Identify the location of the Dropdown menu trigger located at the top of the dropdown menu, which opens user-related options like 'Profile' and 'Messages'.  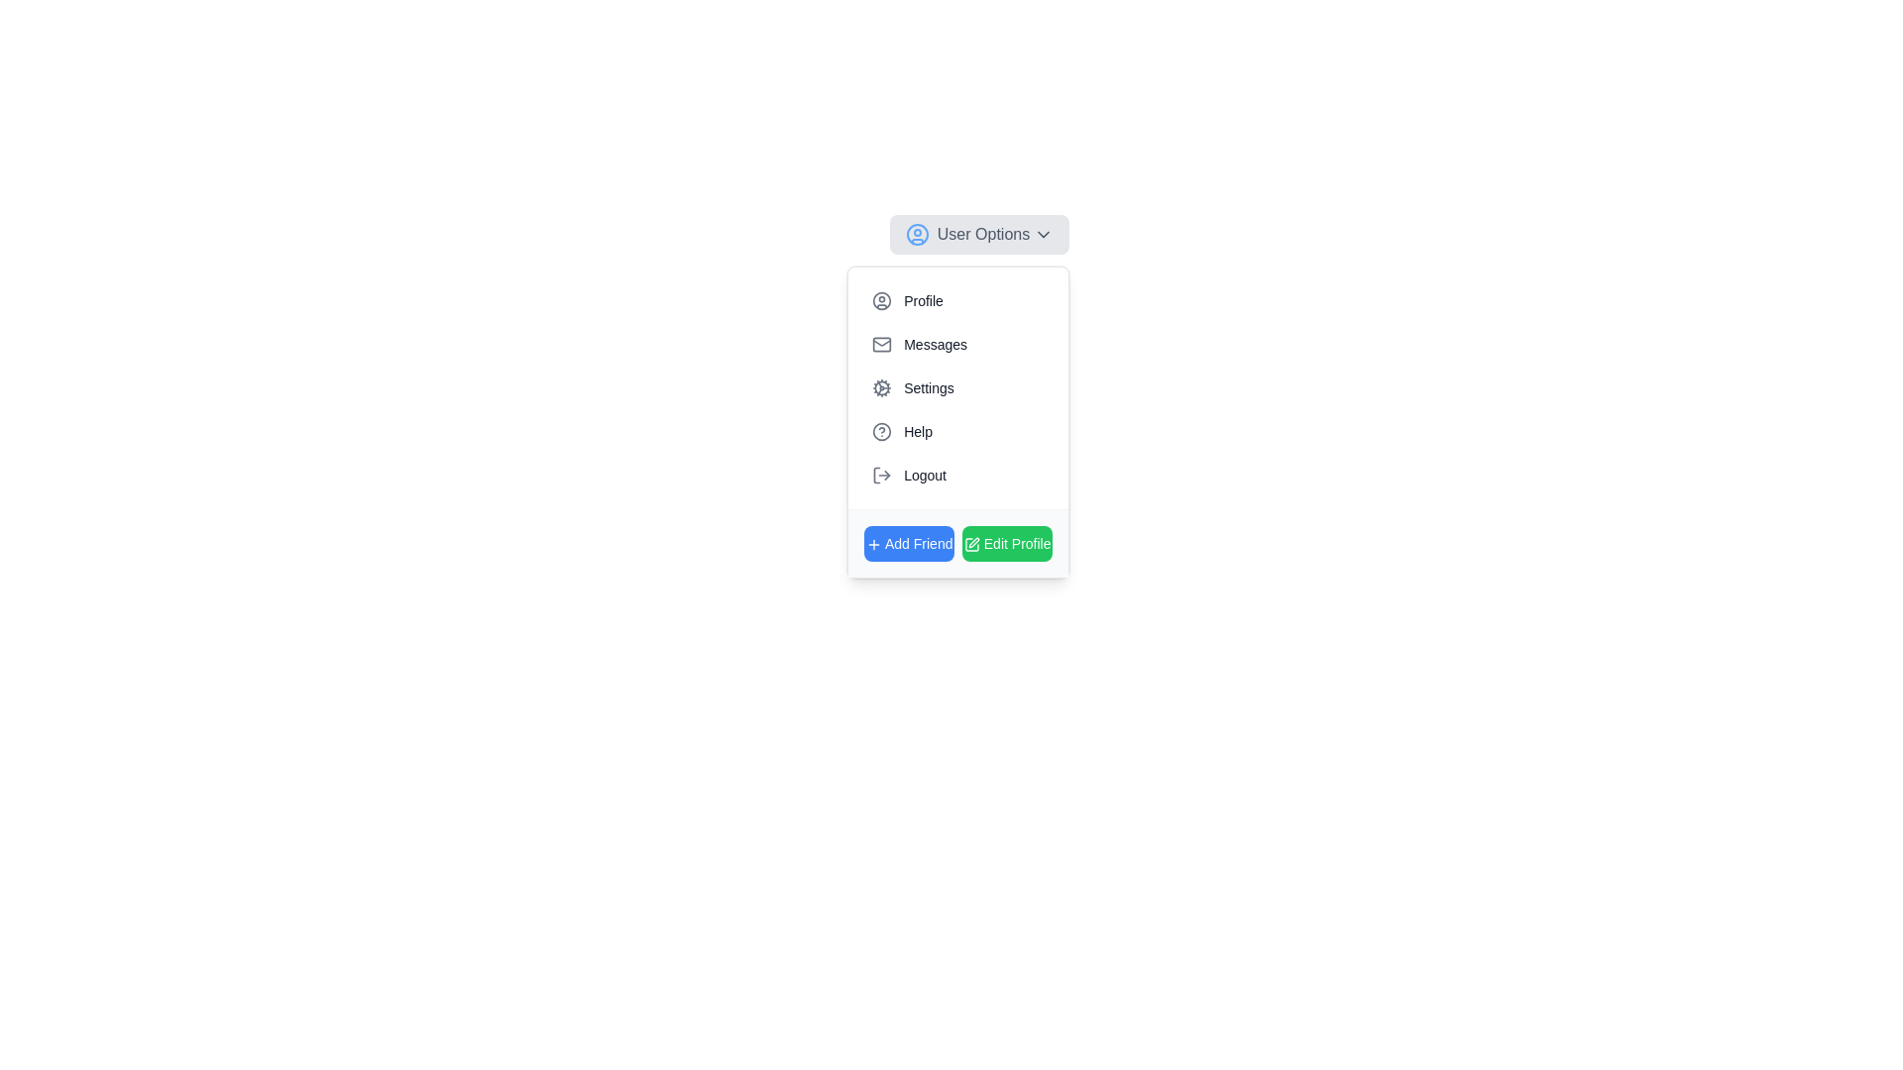
(979, 233).